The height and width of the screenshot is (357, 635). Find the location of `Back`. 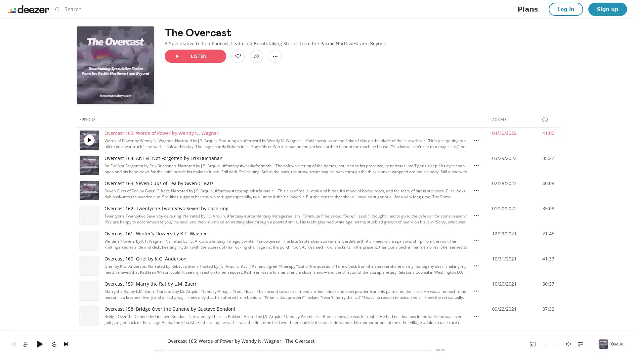

Back is located at coordinates (13, 343).